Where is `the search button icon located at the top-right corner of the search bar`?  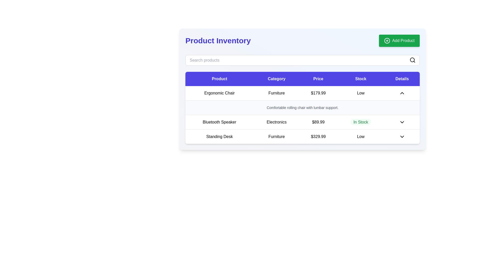 the search button icon located at the top-right corner of the search bar is located at coordinates (413, 60).